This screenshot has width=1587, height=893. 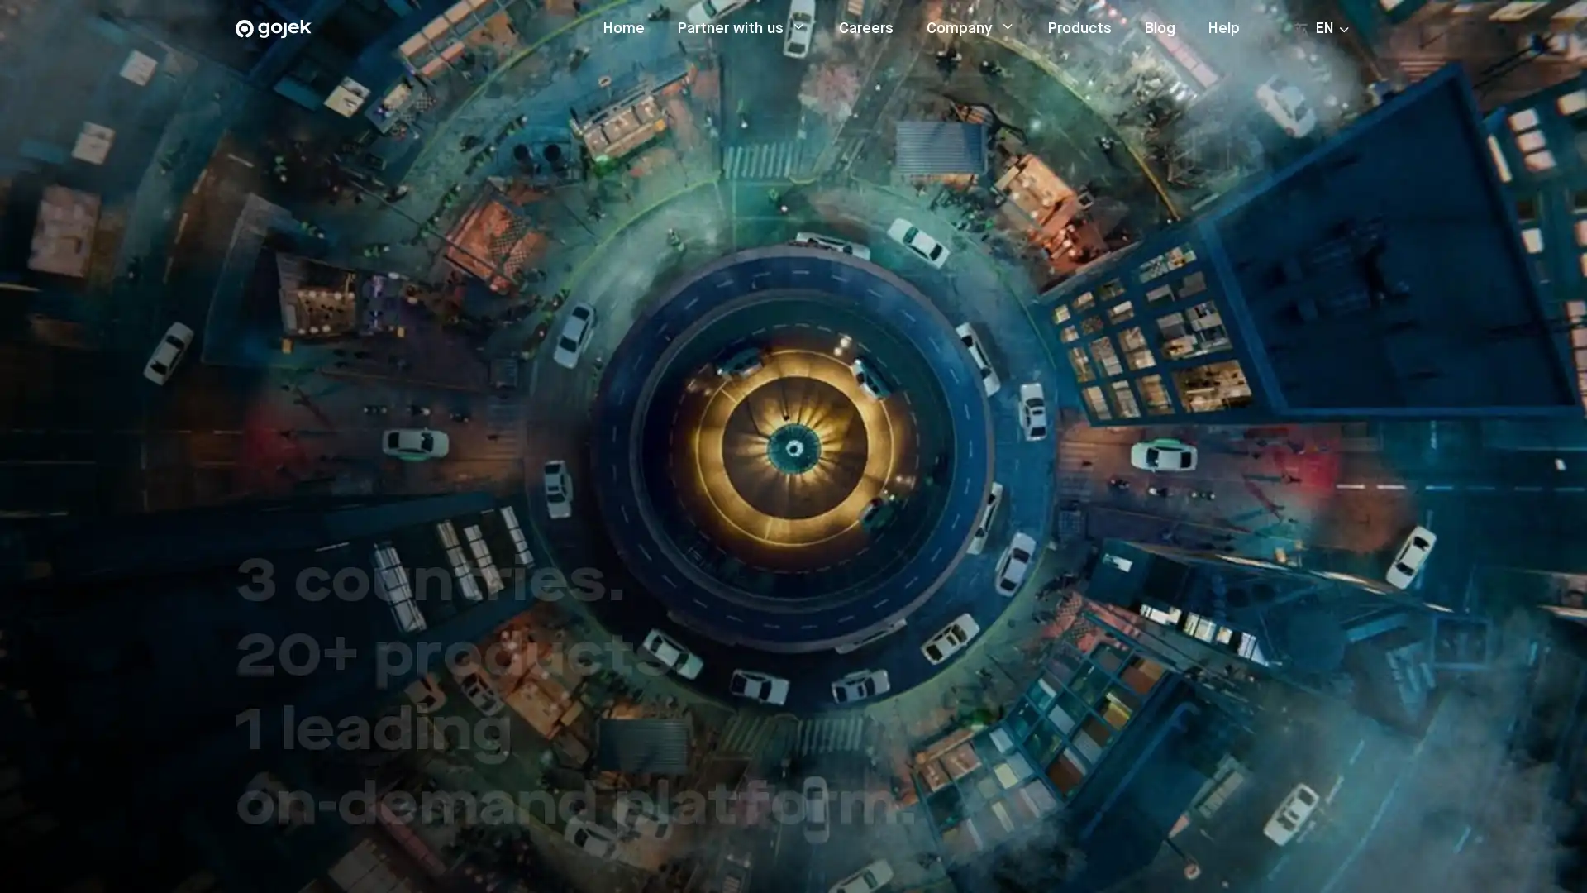 I want to click on Accept All Cookies, so click(x=1274, y=835).